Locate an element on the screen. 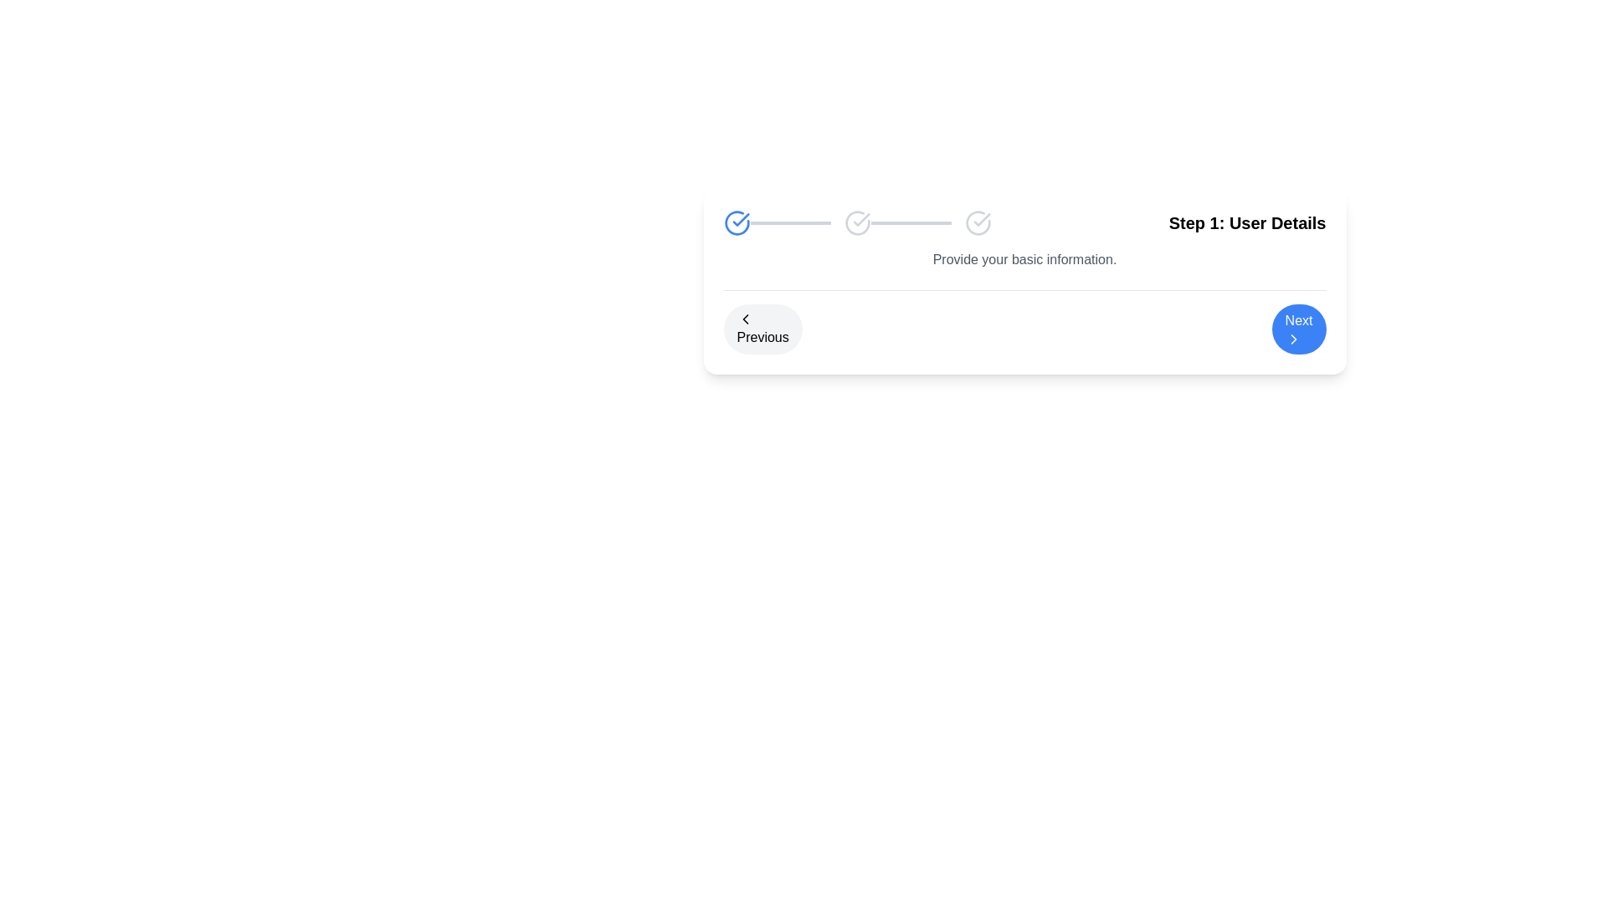 The image size is (1607, 903). the visual progress indicator, which is a thin gray horizontal rectangle located within a progress bar, positioned between a checkmark icon and another step indicator is located at coordinates (910, 222).